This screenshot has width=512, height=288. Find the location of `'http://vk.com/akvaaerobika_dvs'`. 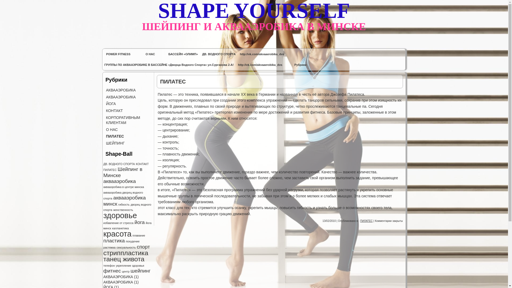

'http://vk.com/akvaaerobika_dvs' is located at coordinates (262, 54).